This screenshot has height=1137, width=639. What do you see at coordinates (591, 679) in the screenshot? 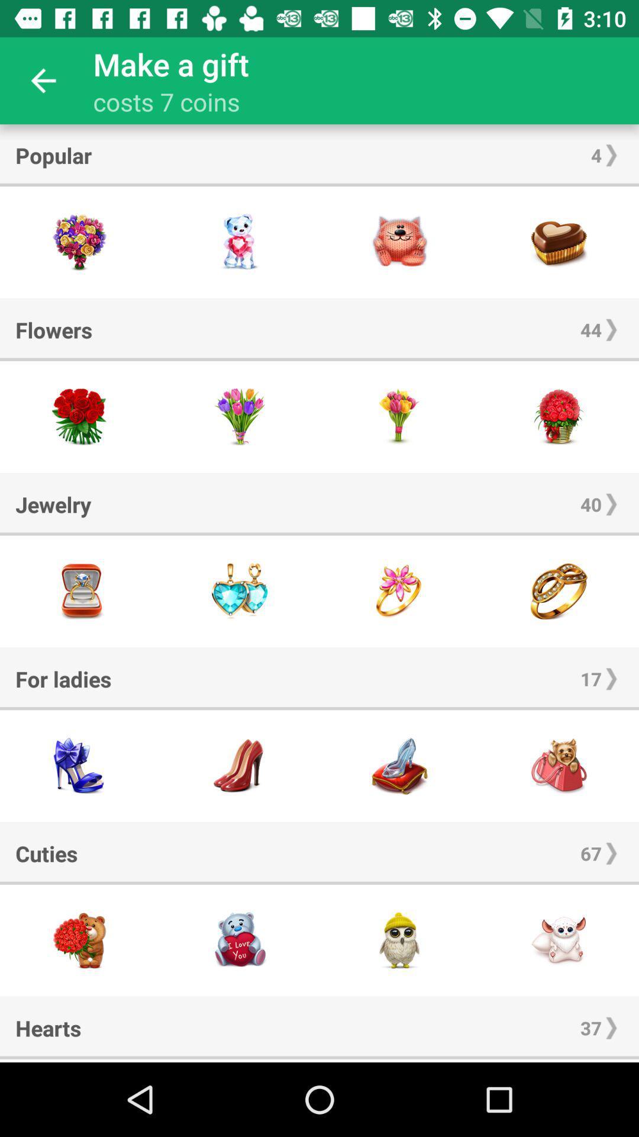
I see `the 17 item` at bounding box center [591, 679].